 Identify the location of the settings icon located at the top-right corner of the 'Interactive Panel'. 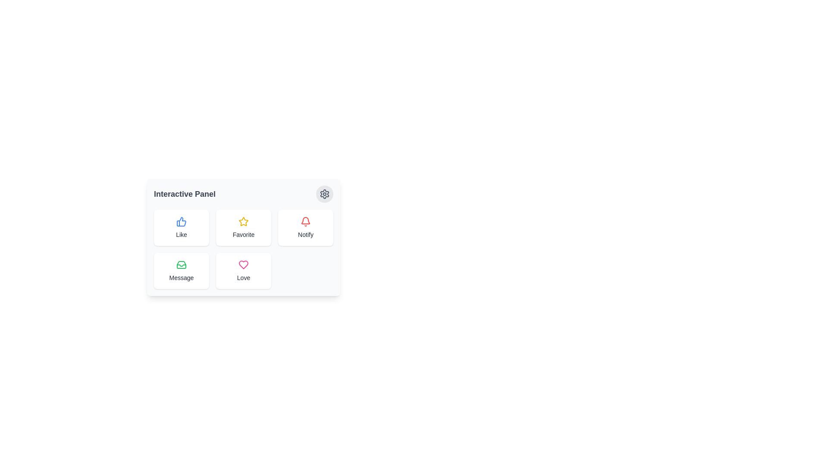
(324, 194).